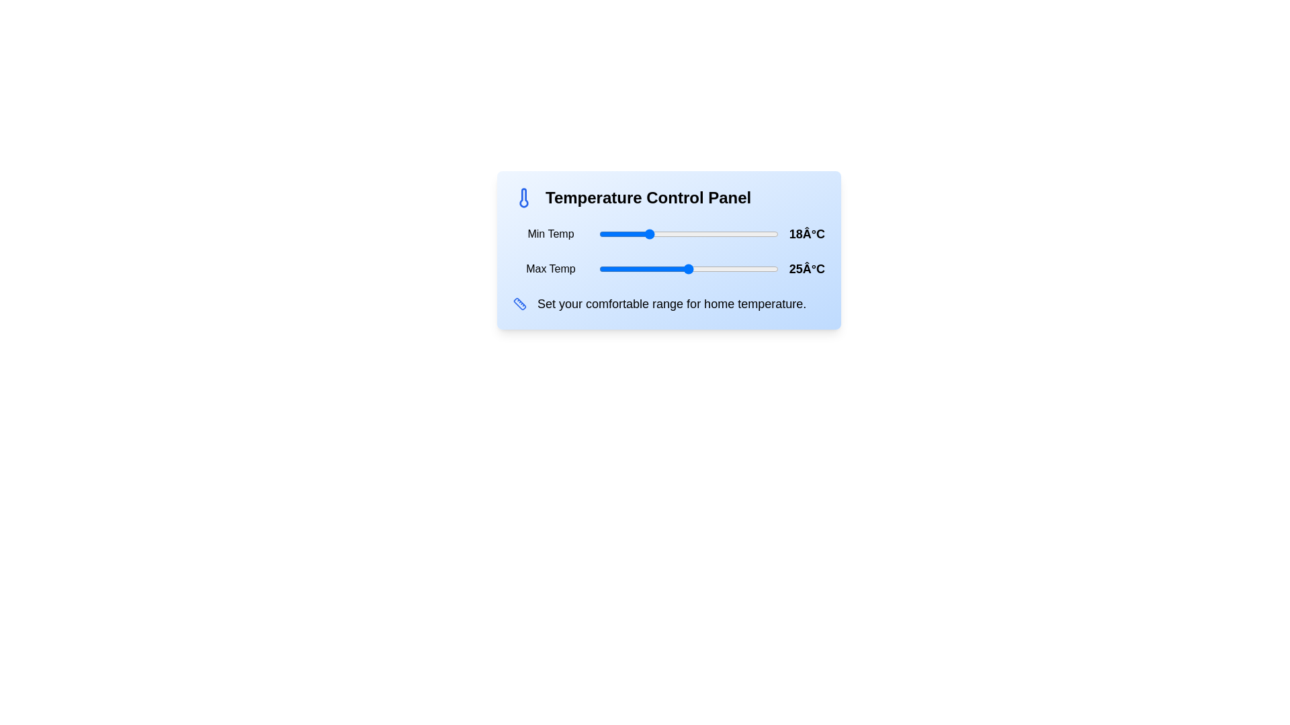  Describe the element at coordinates (616, 269) in the screenshot. I see `the maximum temperature slider to 13°C` at that location.